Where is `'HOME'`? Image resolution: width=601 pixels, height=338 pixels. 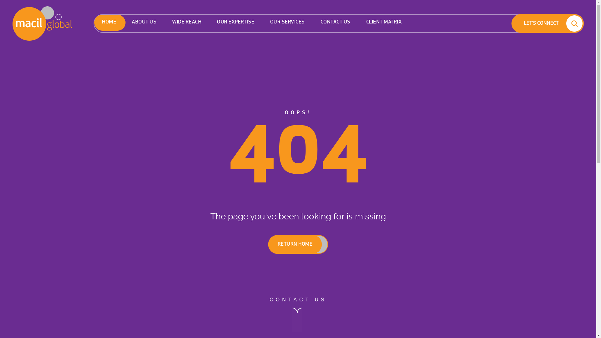 'HOME' is located at coordinates (109, 22).